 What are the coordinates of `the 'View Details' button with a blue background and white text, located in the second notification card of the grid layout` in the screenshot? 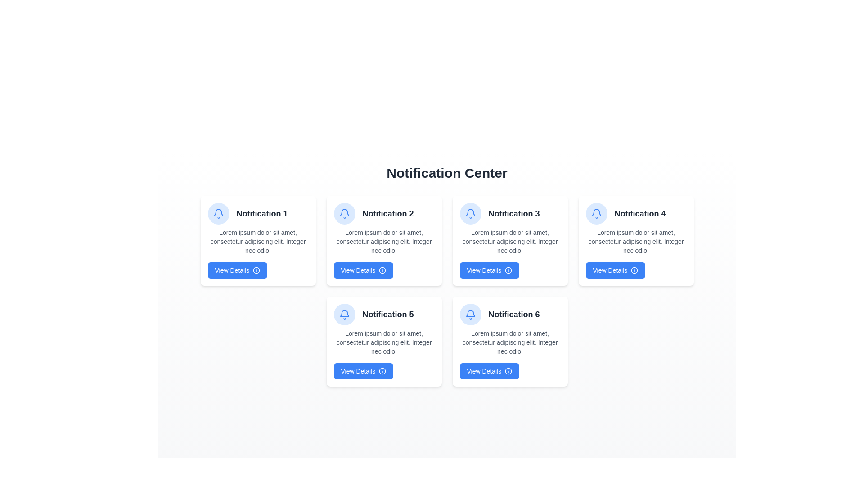 It's located at (363, 270).